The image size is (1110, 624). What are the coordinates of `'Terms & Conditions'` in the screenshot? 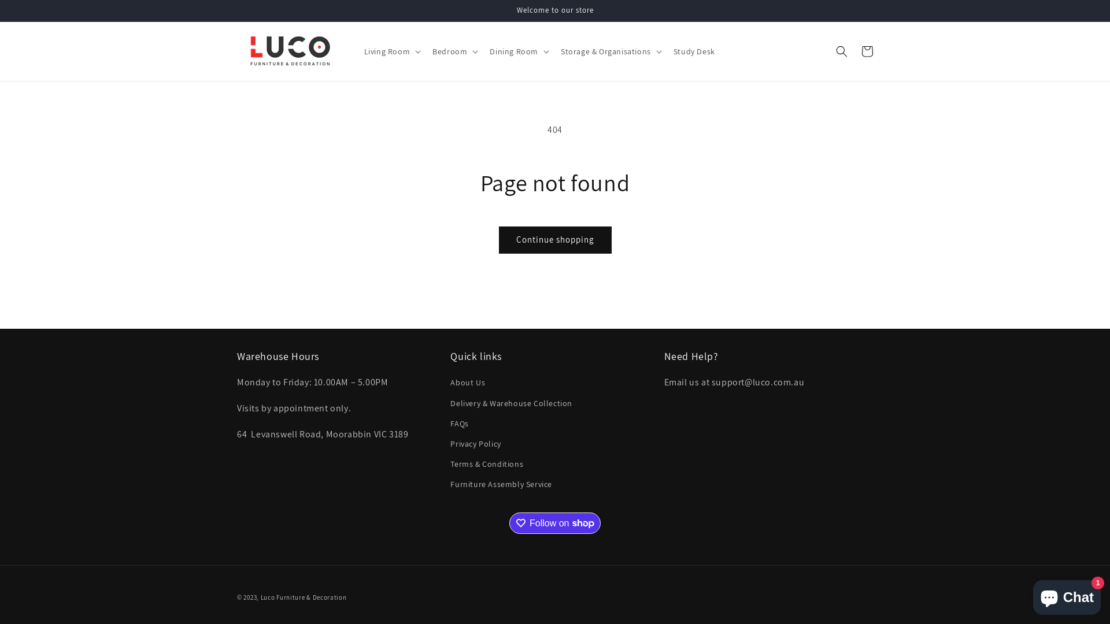 It's located at (486, 463).